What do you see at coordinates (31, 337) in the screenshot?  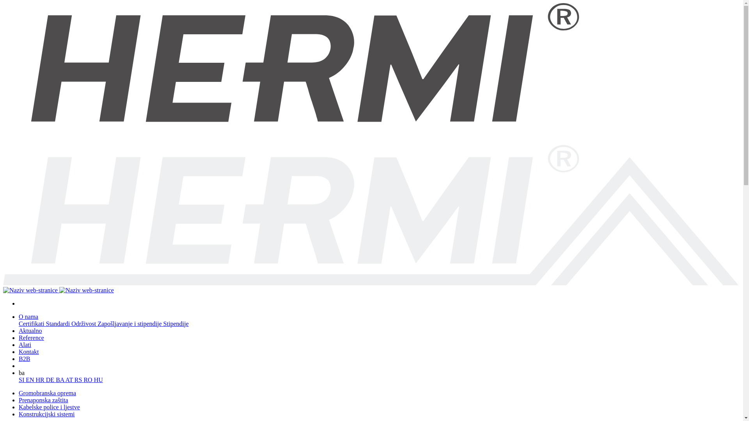 I see `'Reference'` at bounding box center [31, 337].